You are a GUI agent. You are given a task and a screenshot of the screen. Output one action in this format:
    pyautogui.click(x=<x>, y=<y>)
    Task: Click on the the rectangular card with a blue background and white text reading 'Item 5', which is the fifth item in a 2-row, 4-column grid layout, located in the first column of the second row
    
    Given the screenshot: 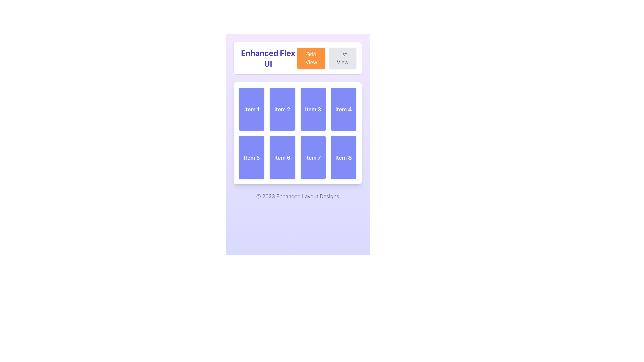 What is the action you would take?
    pyautogui.click(x=251, y=158)
    